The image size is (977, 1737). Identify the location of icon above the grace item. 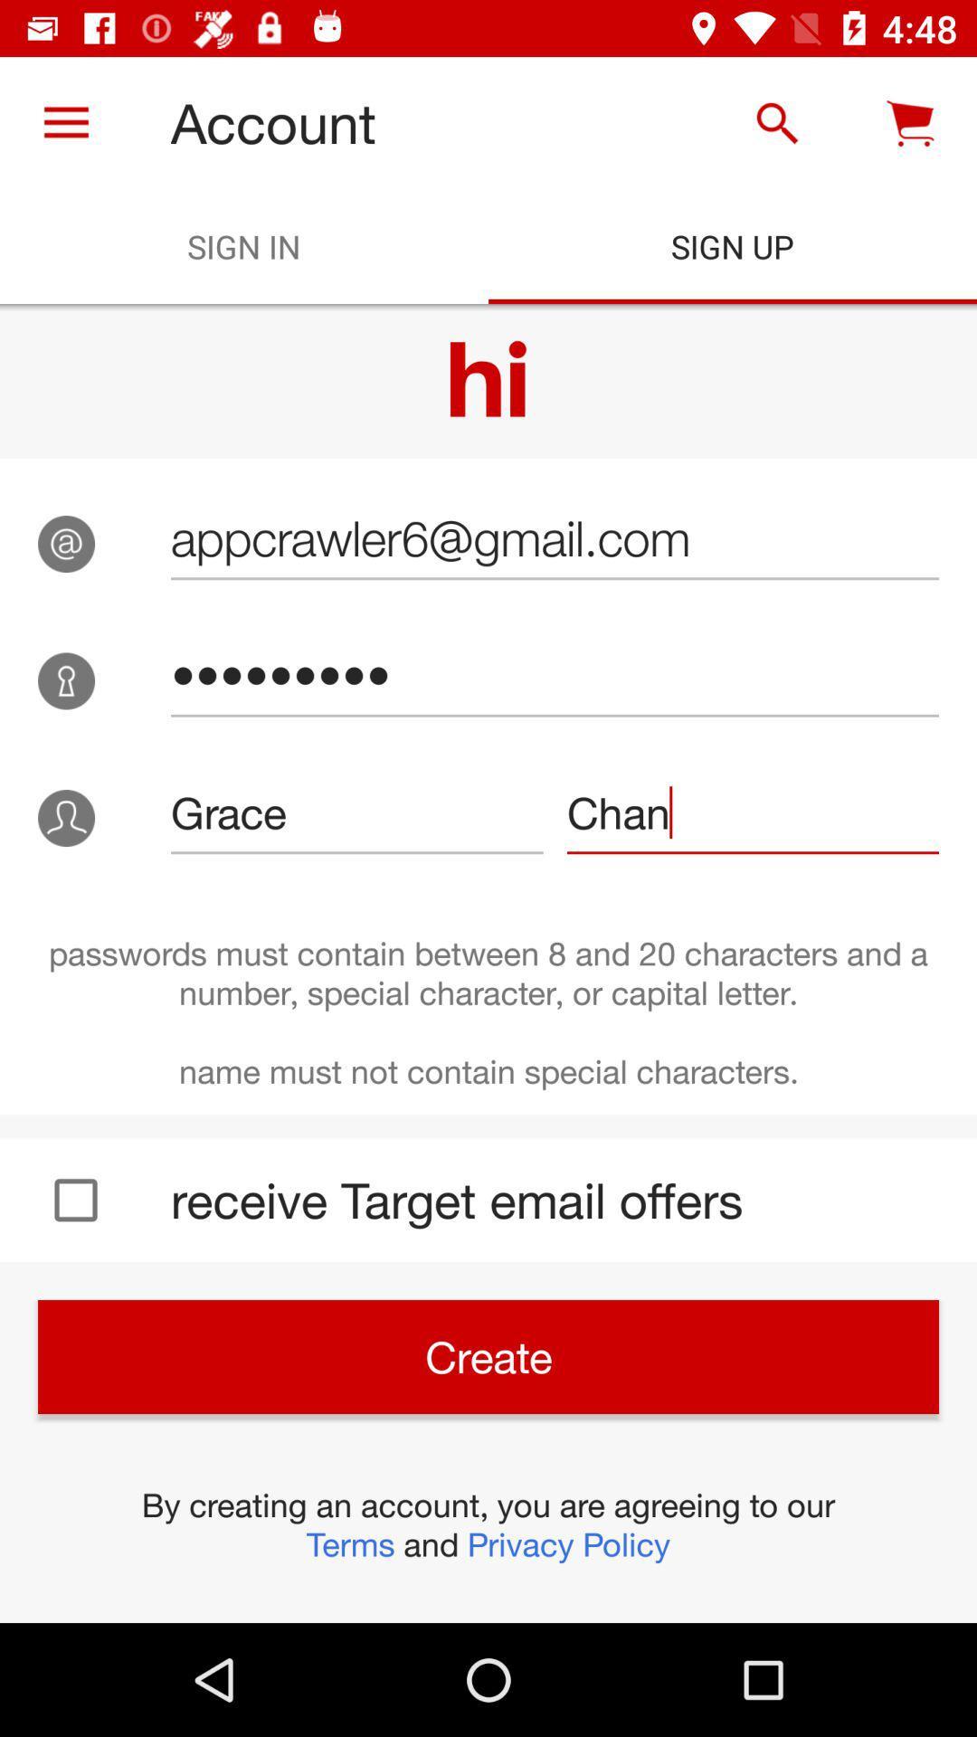
(554, 674).